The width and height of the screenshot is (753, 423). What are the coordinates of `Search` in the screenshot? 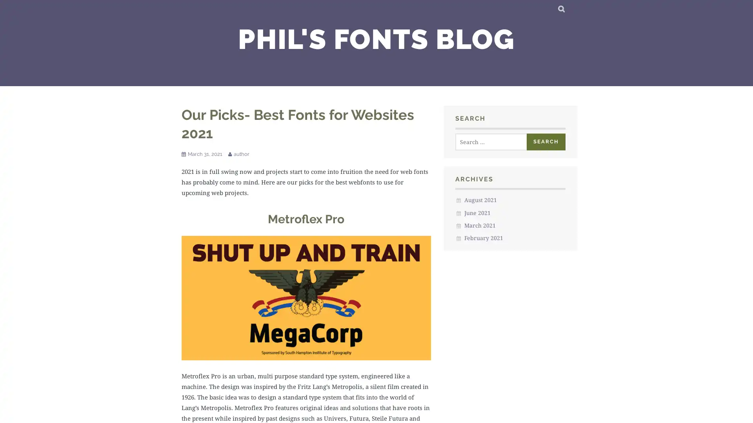 It's located at (546, 141).